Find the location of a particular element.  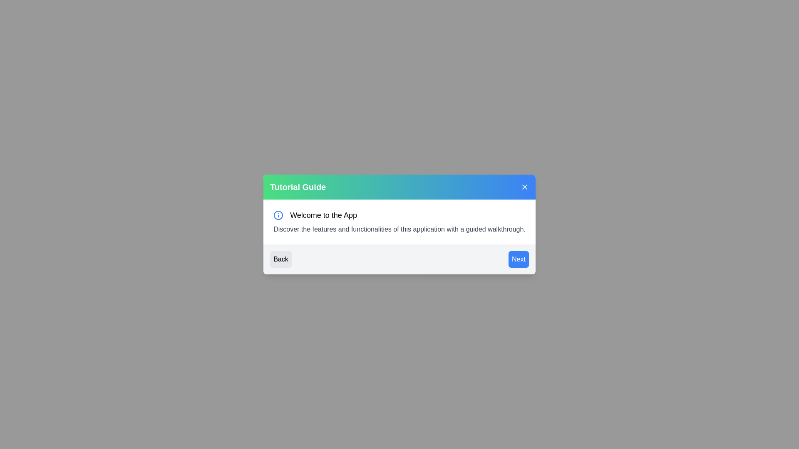

the informational icon located to the left of the 'Welcome to the App' text label in the modal dialog box is located at coordinates (278, 215).